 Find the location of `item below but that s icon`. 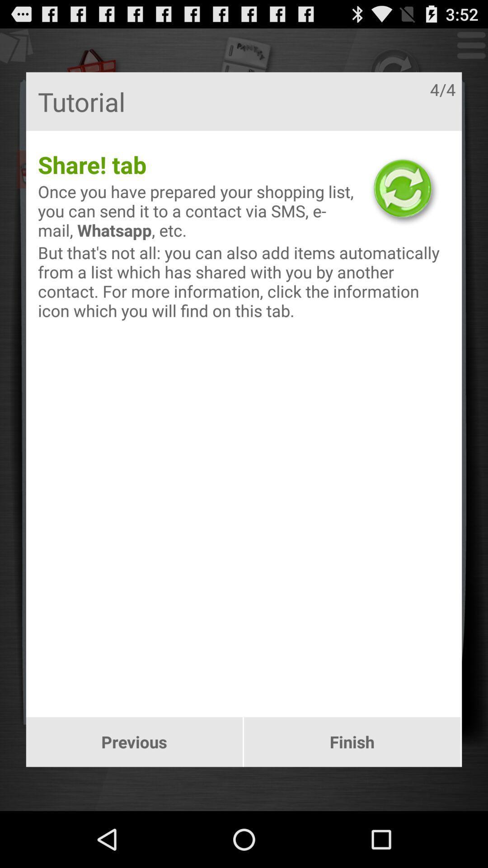

item below but that s icon is located at coordinates (134, 742).